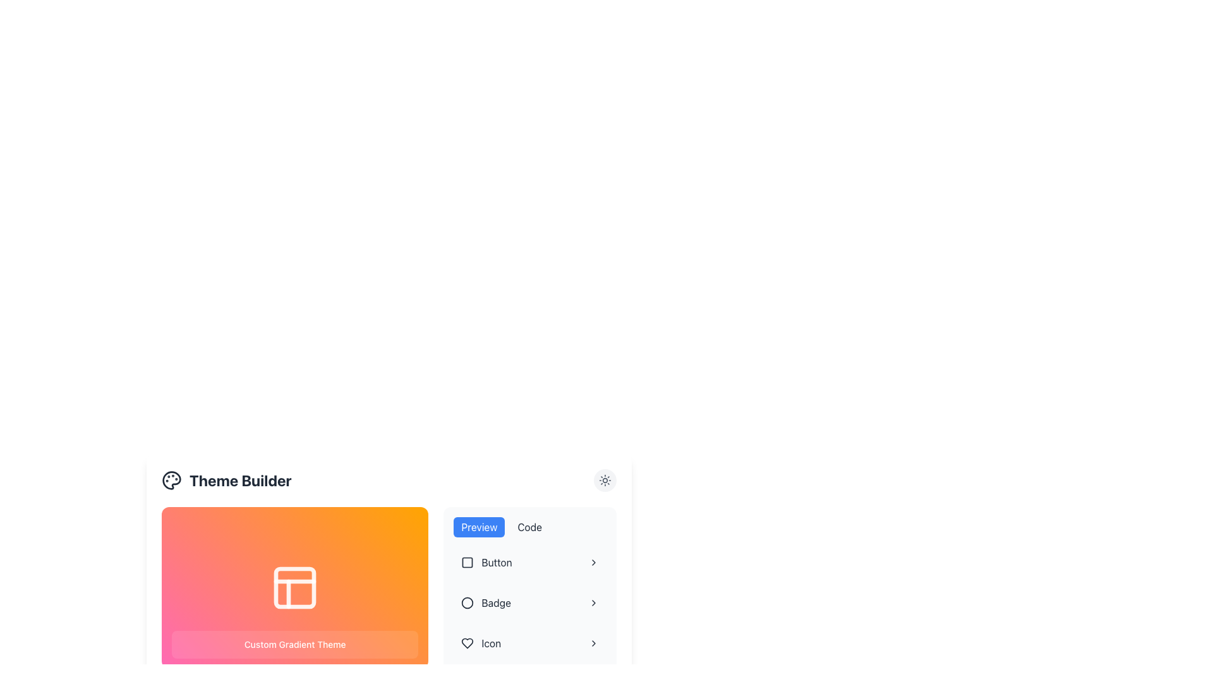 This screenshot has height=682, width=1213. What do you see at coordinates (467, 562) in the screenshot?
I see `the checkbox-like icon located at the leftmost position of the button labeled 'Button', which is part of a vertical list next to a prominent orange panel` at bounding box center [467, 562].